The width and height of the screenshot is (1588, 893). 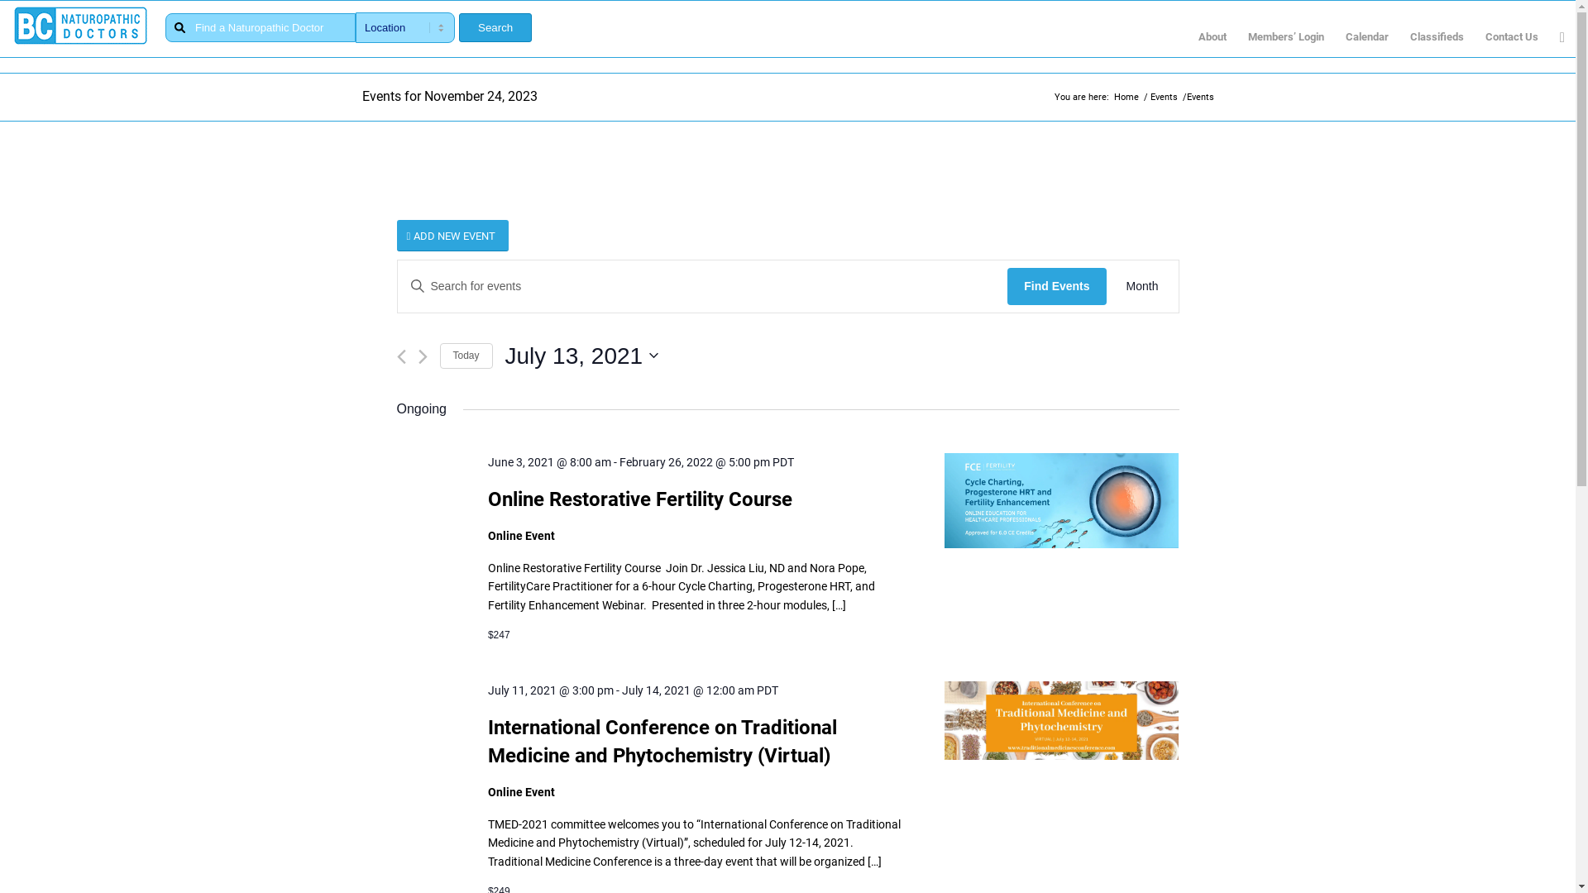 I want to click on 'Search', so click(x=495, y=27).